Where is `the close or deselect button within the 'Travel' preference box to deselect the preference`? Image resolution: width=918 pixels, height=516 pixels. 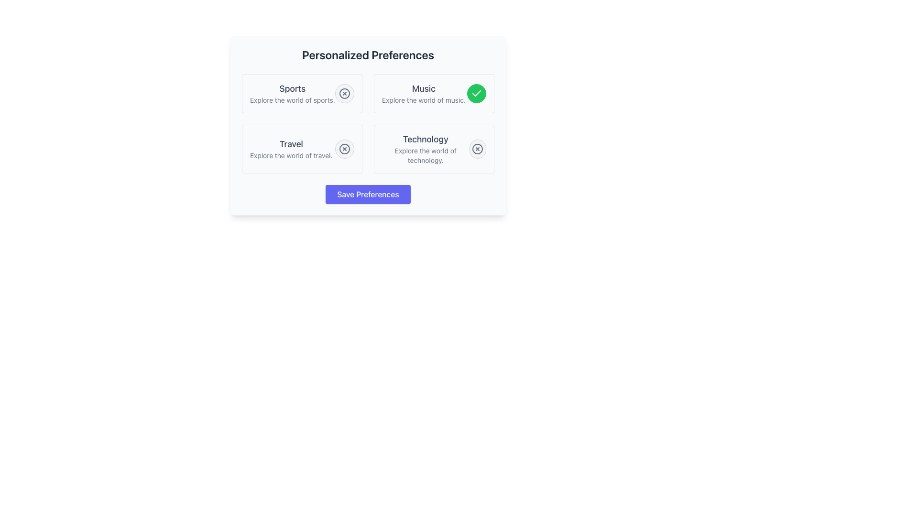 the close or deselect button within the 'Travel' preference box to deselect the preference is located at coordinates (344, 149).